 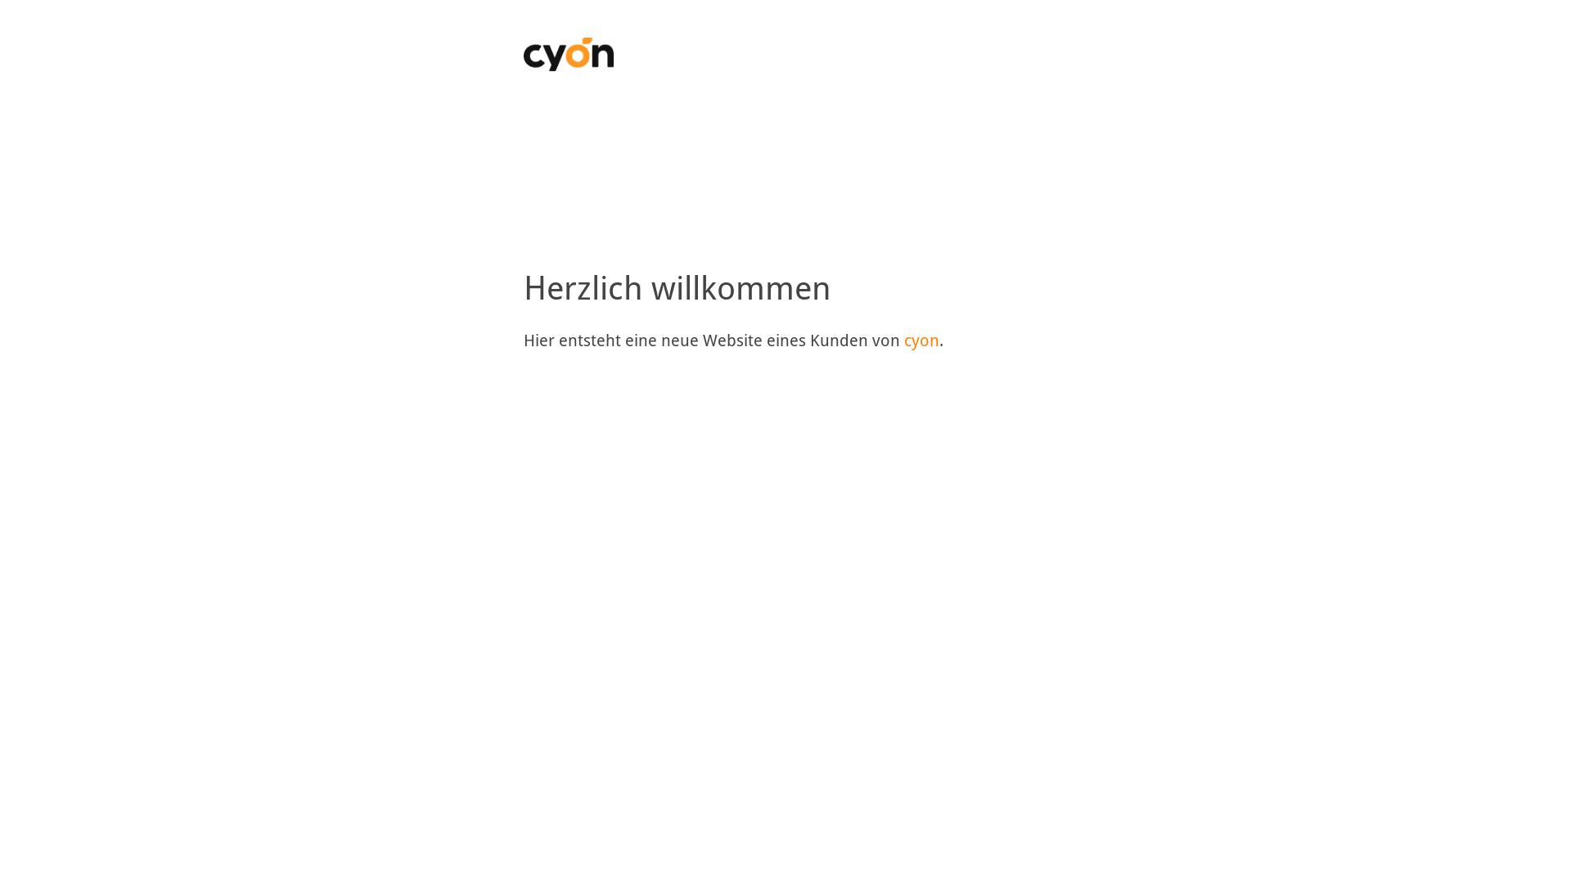 I want to click on 'cyon', so click(x=903, y=340).